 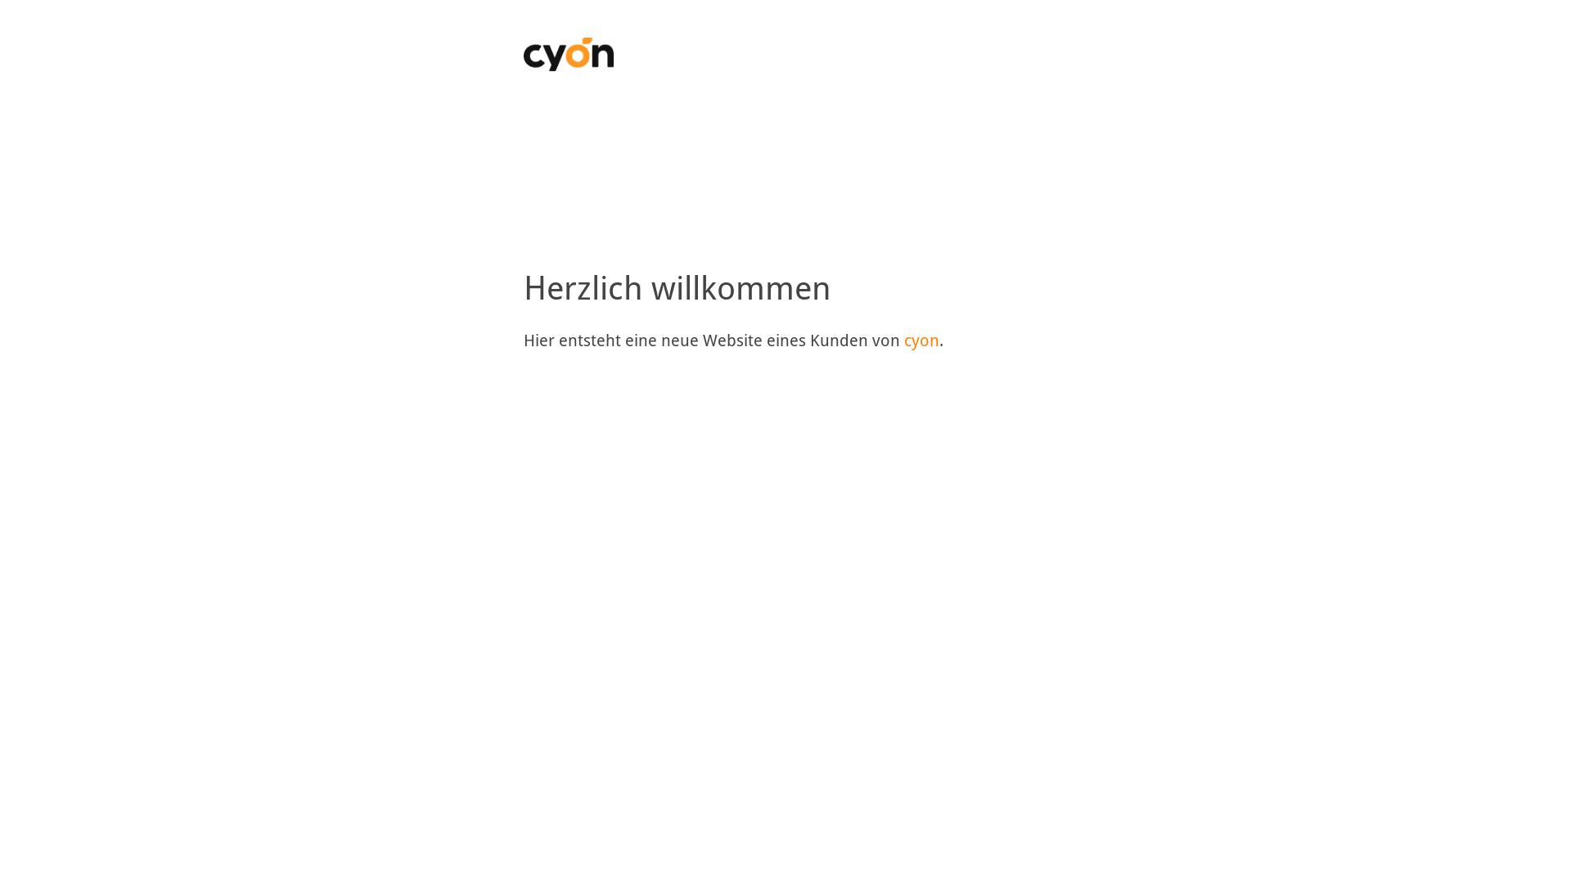 I want to click on 'cyon', so click(x=903, y=340).